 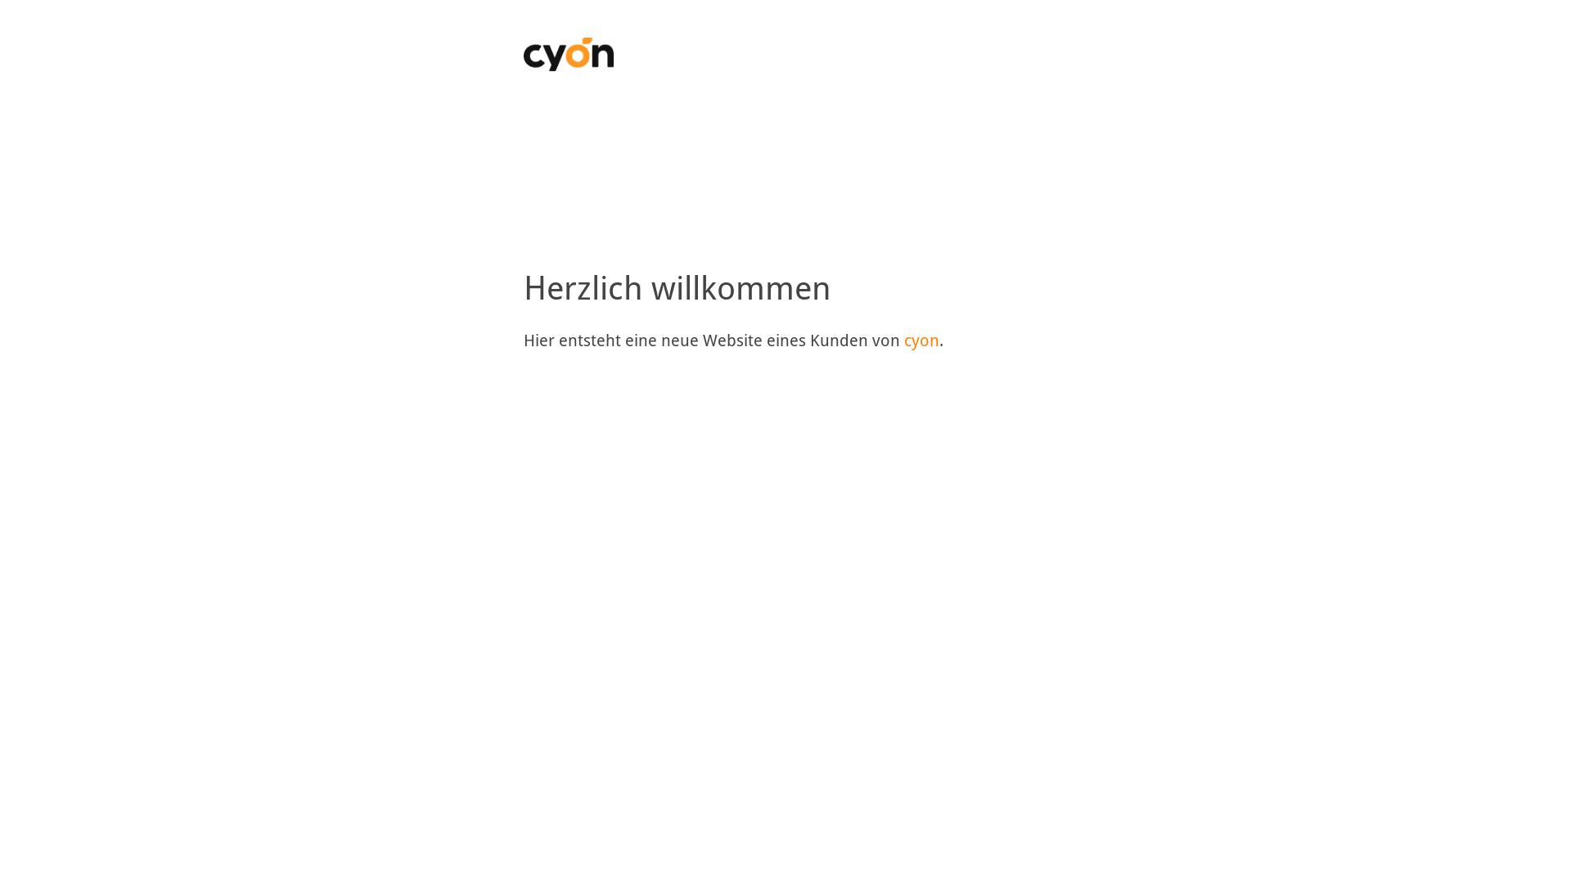 I want to click on 'cyon', so click(x=903, y=340).